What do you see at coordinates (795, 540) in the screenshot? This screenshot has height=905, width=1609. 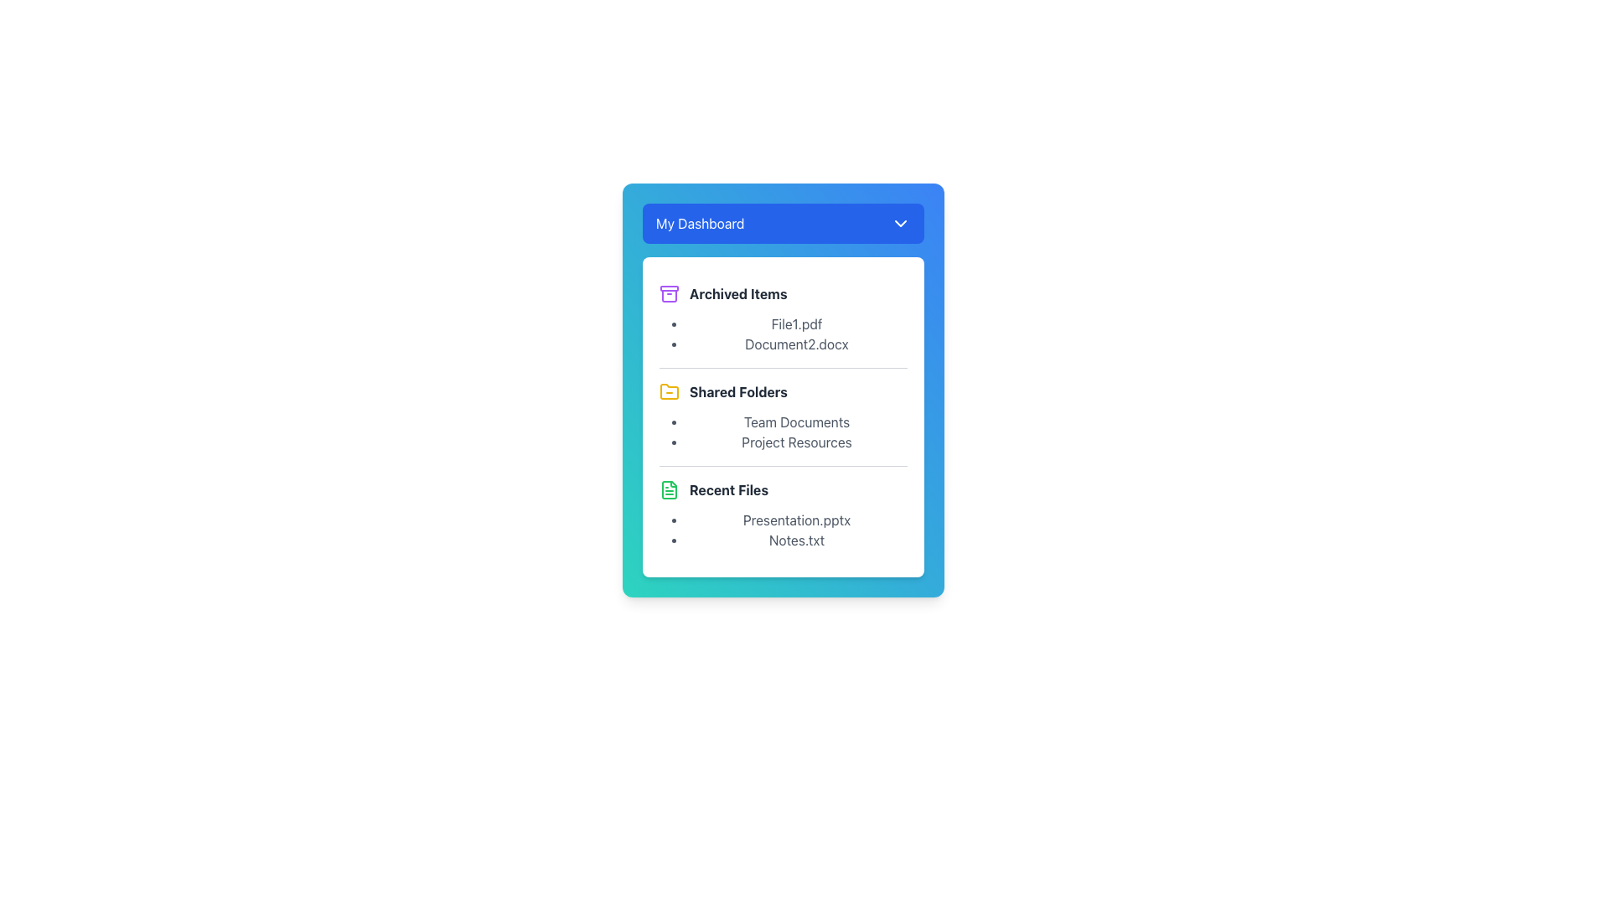 I see `the 'Notes.txt' text item in the 'Recent Files' section` at bounding box center [795, 540].